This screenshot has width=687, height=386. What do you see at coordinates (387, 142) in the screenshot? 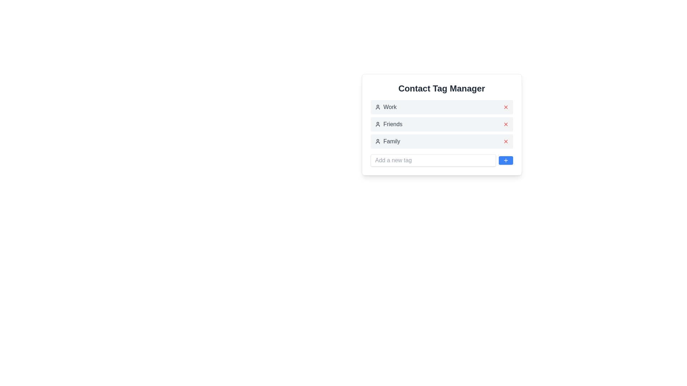
I see `the label with an icon in the 'Contact Tag Manager' that is the third item in the list of tags, situated between 'Friends' and the input field for adding new tags` at bounding box center [387, 142].